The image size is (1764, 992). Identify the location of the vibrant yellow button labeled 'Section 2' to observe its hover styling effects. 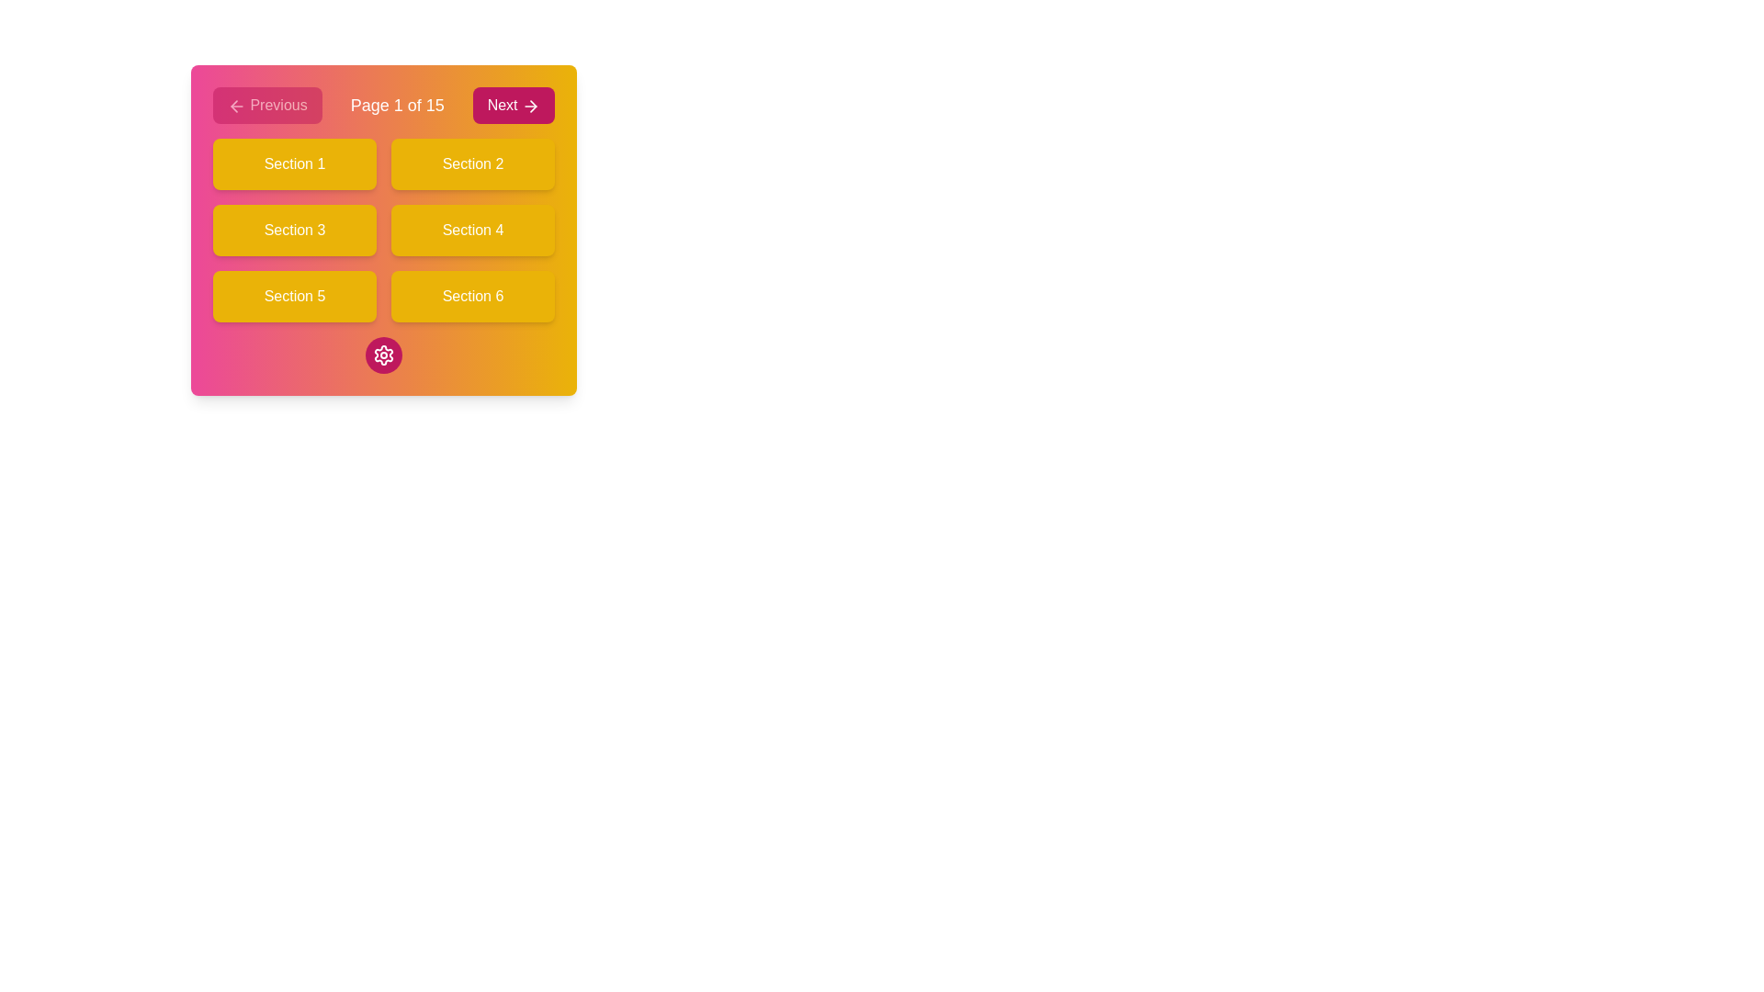
(472, 163).